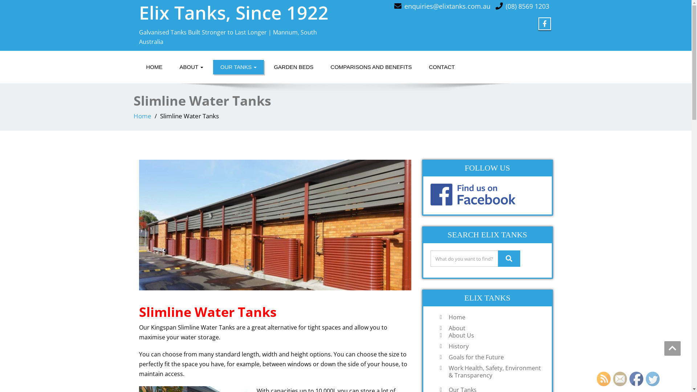 The height and width of the screenshot is (392, 697). I want to click on 'GARDEN BEDS', so click(266, 67).